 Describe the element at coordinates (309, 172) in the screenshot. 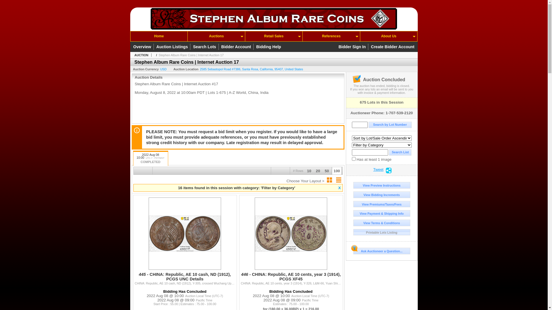

I see `'10'` at that location.